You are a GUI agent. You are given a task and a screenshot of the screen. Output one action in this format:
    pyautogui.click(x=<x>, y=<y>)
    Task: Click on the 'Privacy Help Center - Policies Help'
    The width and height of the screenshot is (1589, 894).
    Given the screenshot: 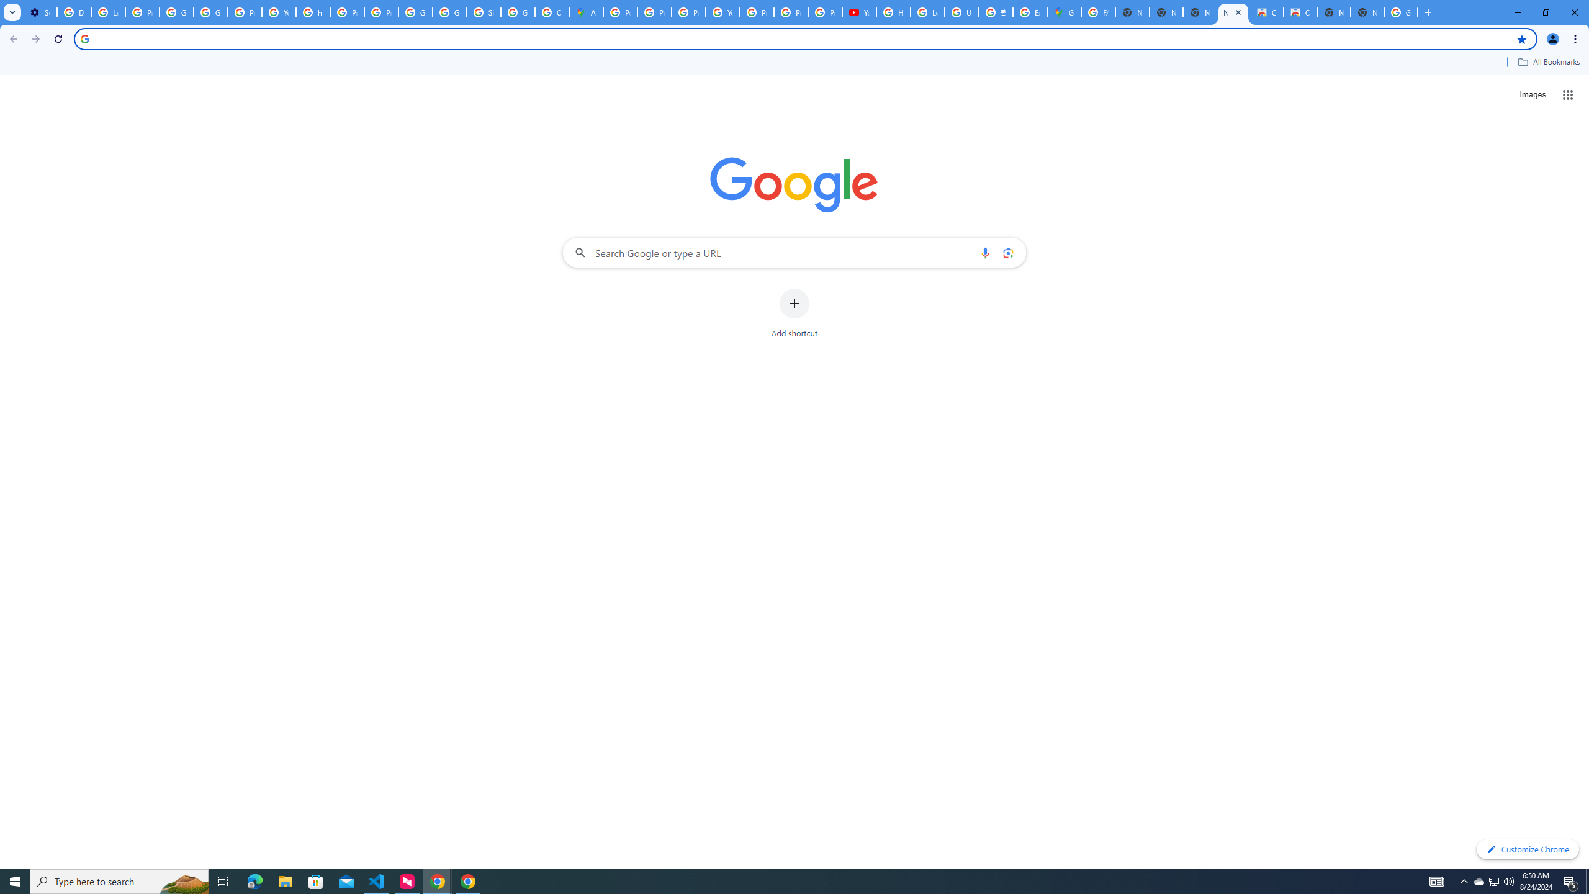 What is the action you would take?
    pyautogui.click(x=654, y=12)
    